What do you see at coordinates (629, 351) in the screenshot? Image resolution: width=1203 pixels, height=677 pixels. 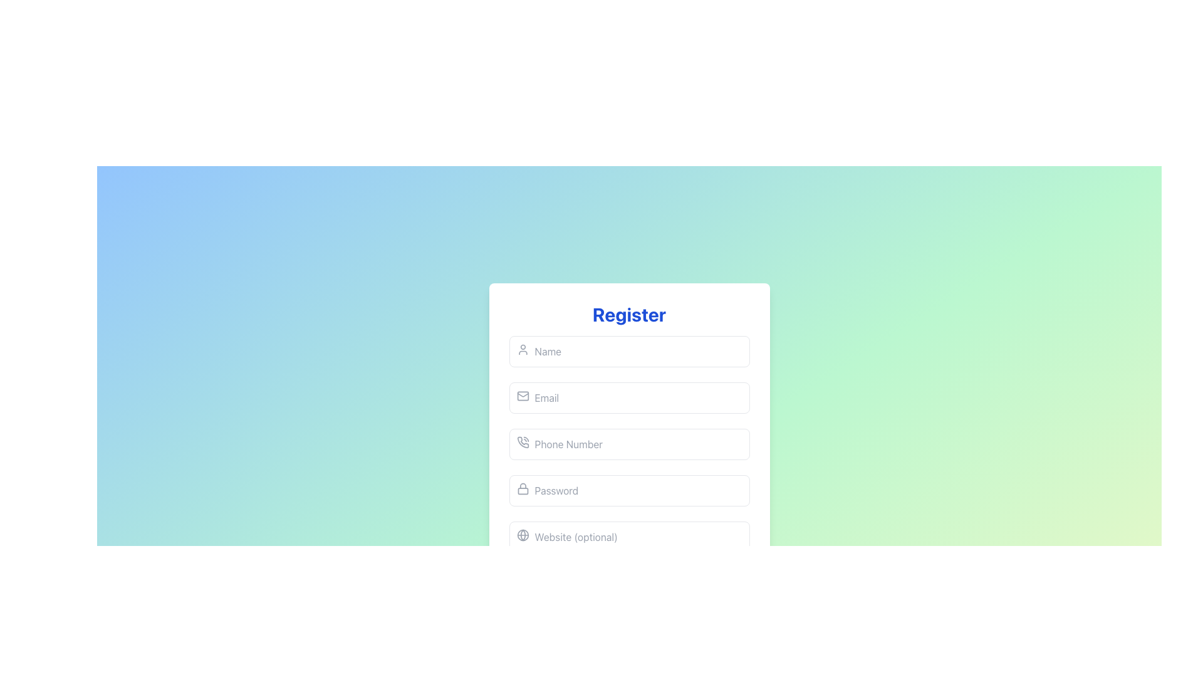 I see `the text input field for 'Name' under the 'Register' title by tabbing to it` at bounding box center [629, 351].